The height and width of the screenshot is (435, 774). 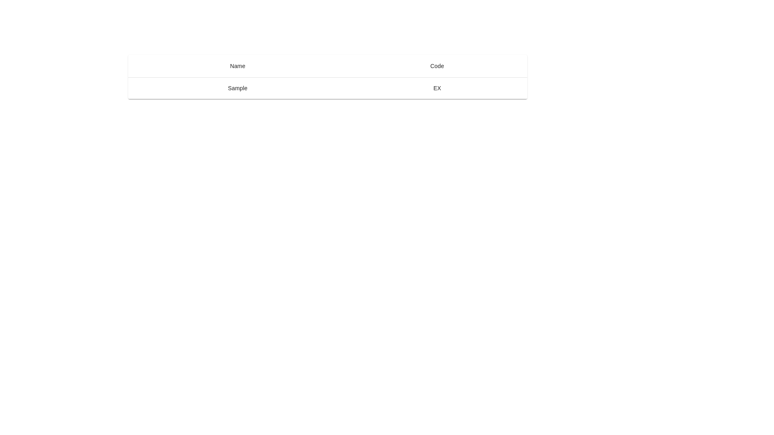 I want to click on the table header cell displaying the text 'Code', which is the second column header in the table, so click(x=437, y=66).